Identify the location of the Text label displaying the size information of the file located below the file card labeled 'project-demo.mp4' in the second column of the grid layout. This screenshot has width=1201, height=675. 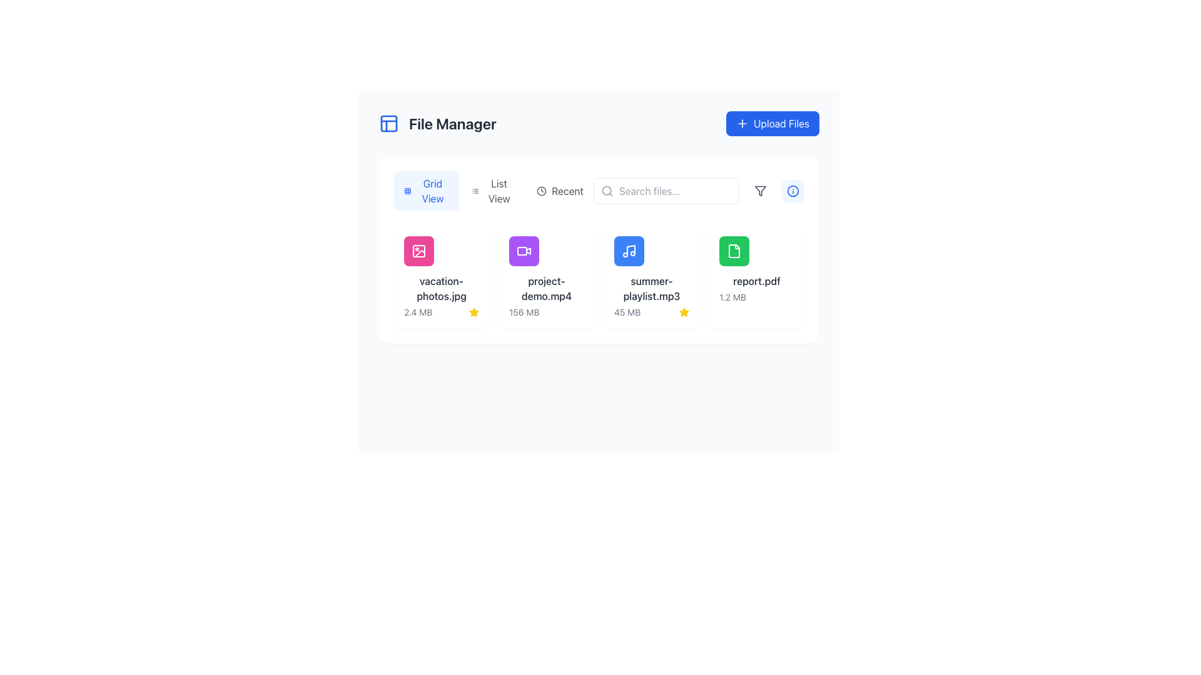
(524, 312).